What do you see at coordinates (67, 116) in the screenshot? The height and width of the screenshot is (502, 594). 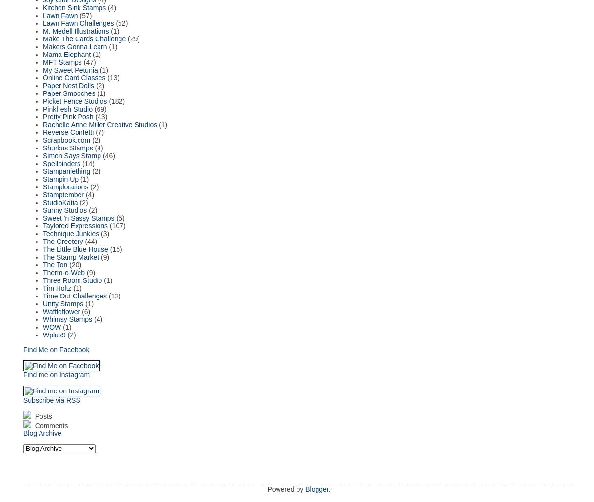 I see `'Pretty Pink Posh'` at bounding box center [67, 116].